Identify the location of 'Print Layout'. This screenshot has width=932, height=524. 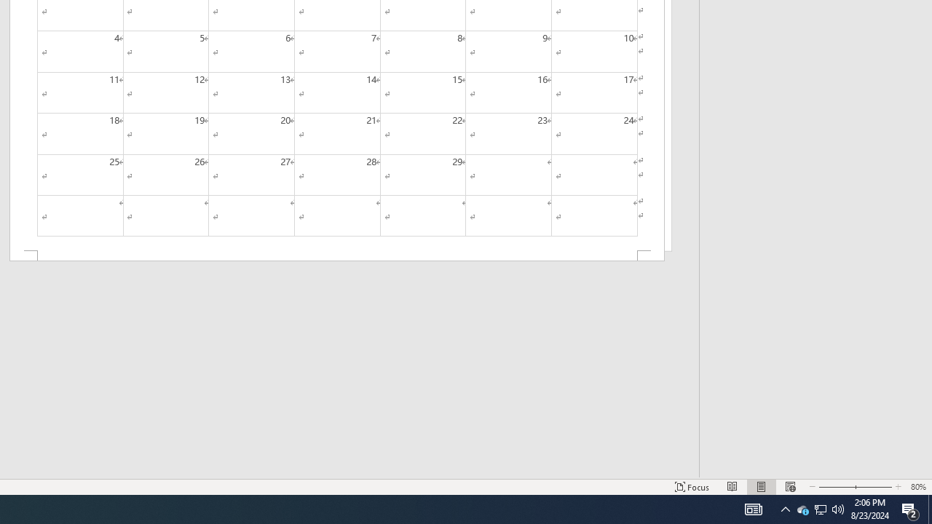
(761, 487).